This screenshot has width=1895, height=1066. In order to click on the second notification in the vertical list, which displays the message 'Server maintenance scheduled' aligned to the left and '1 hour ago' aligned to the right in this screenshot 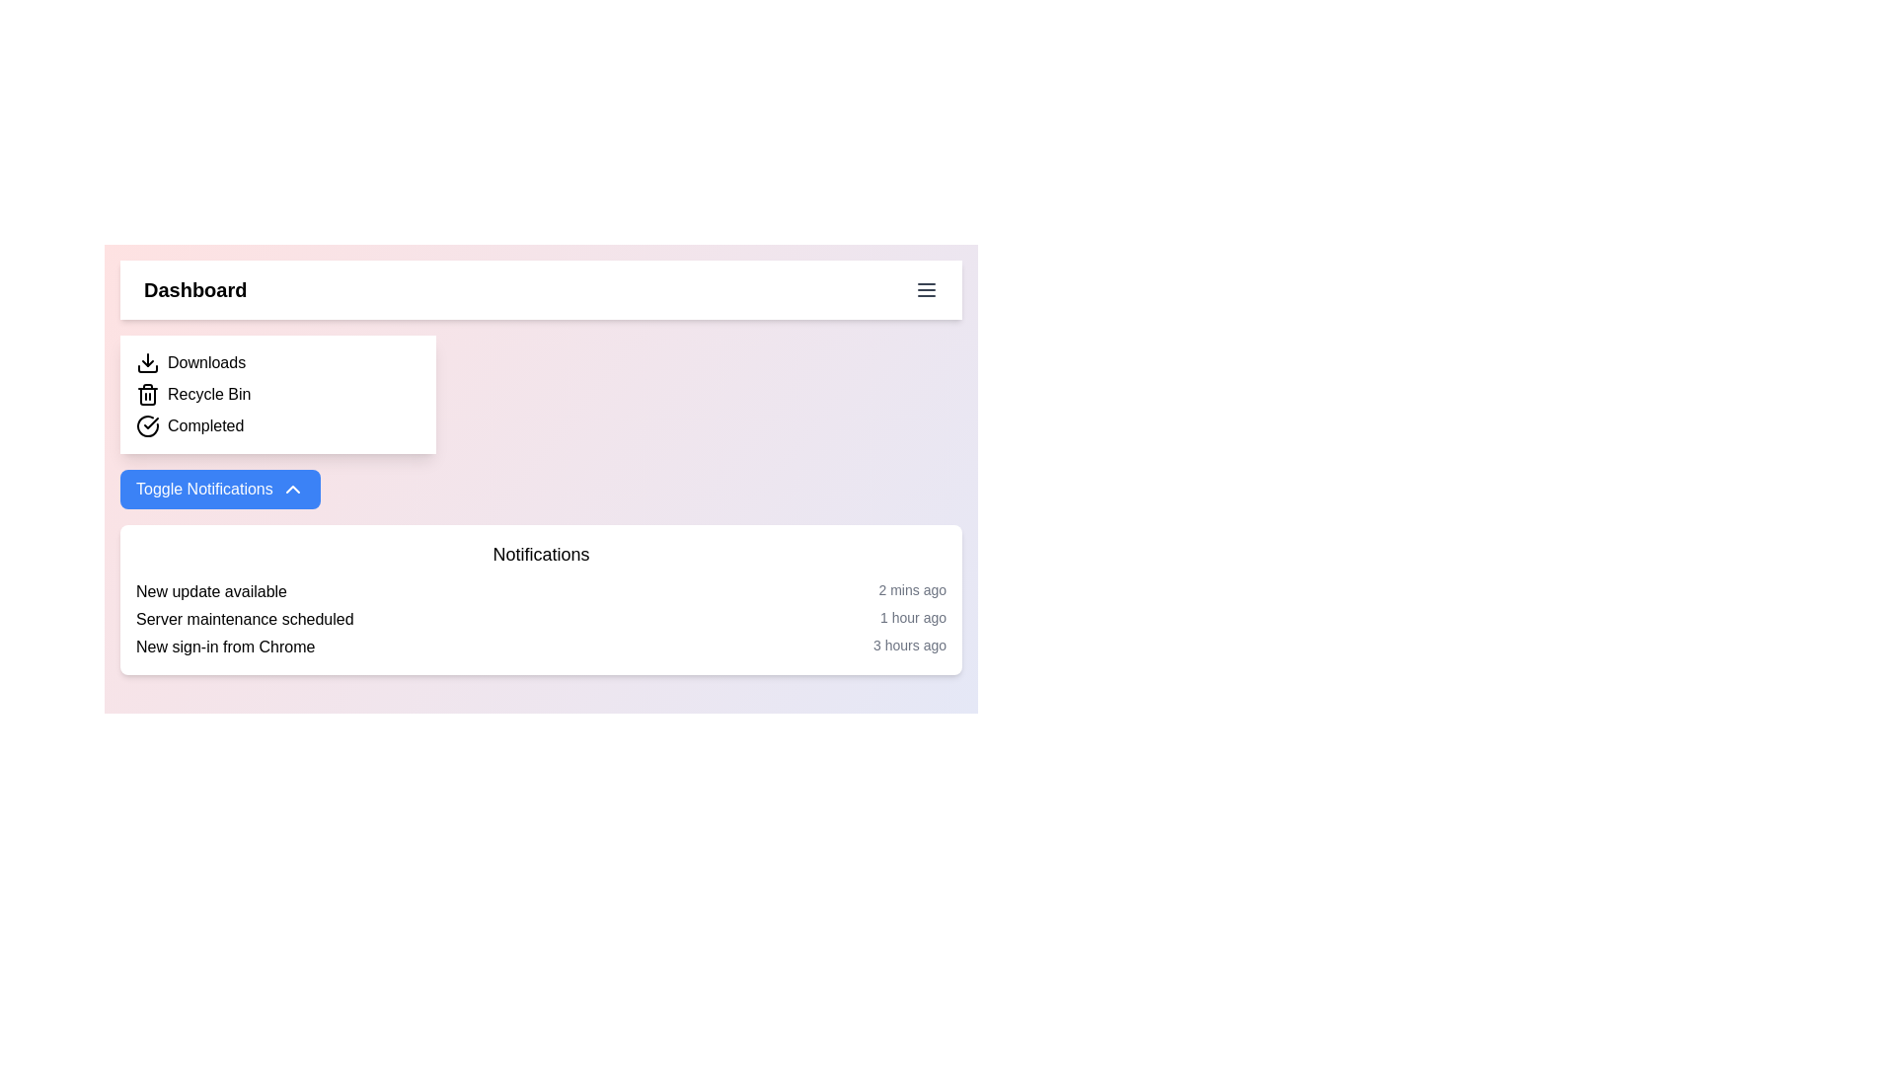, I will do `click(541, 619)`.